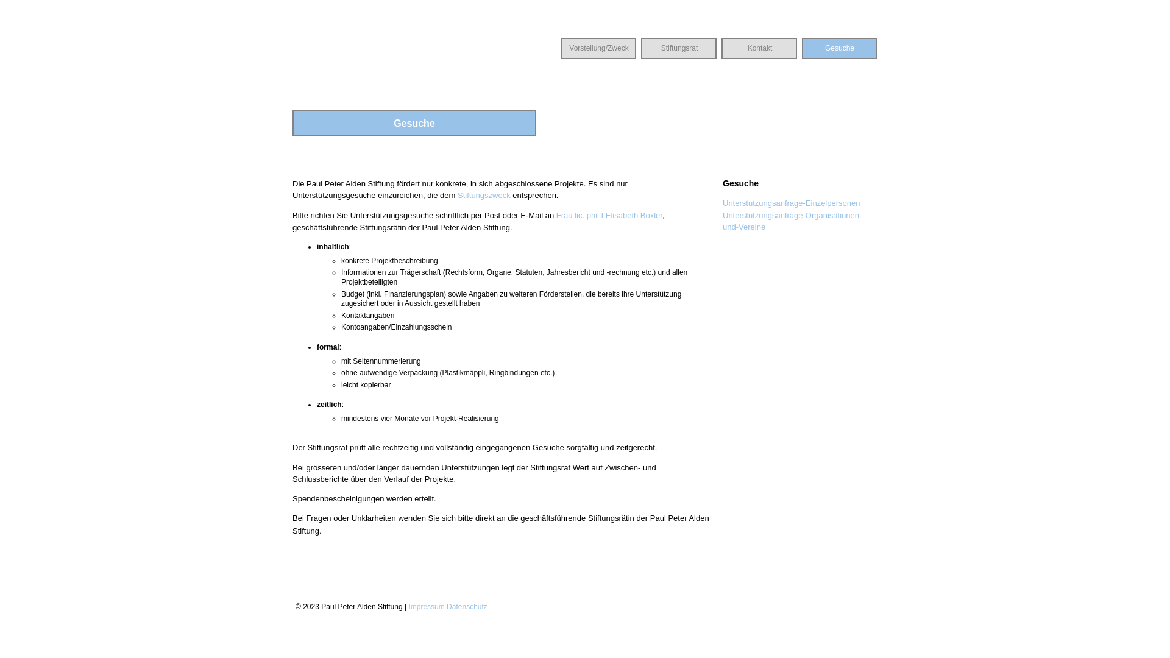  What do you see at coordinates (483, 194) in the screenshot?
I see `'Stiftungszweck'` at bounding box center [483, 194].